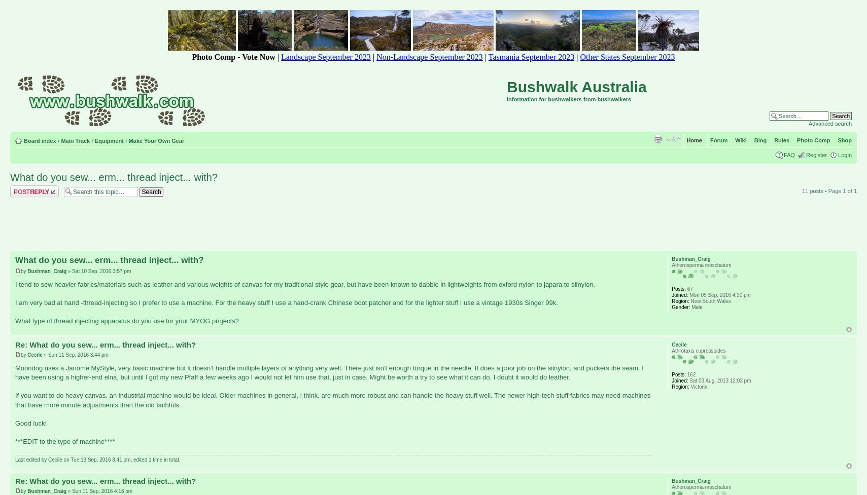 The image size is (867, 495). I want to click on 'Blog', so click(760, 139).